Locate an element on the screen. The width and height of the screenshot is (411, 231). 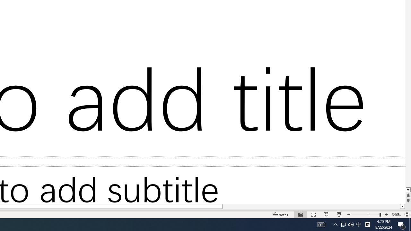
'Zoom to Fit ' is located at coordinates (407, 215).